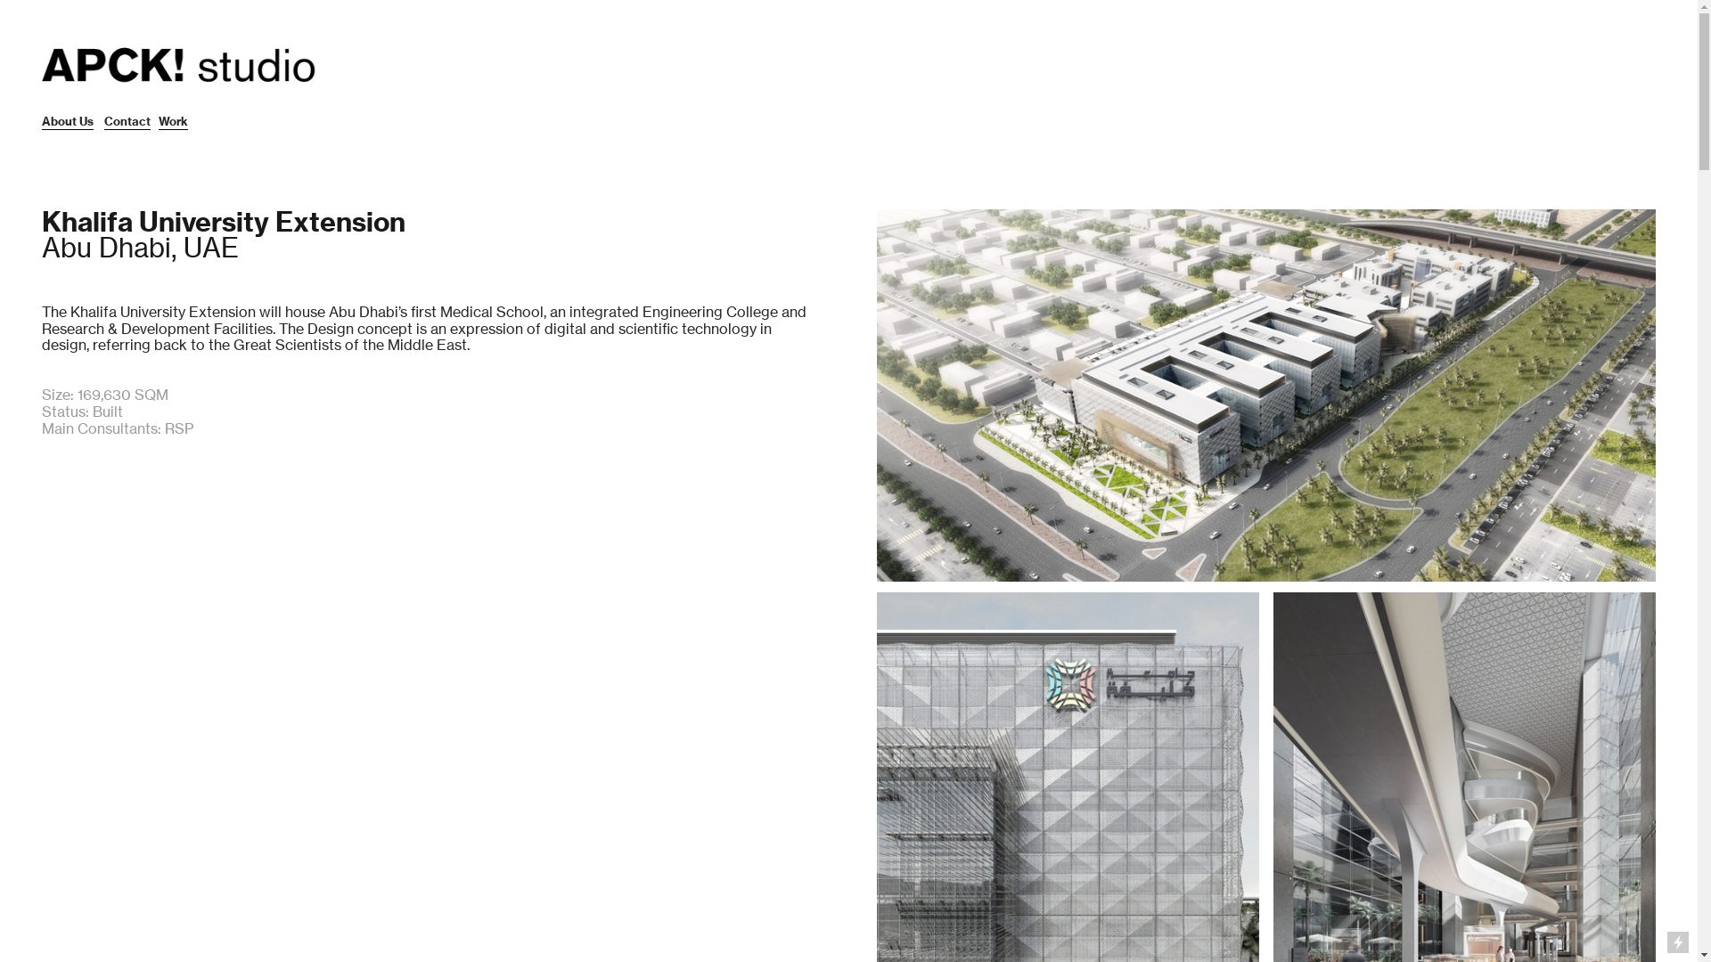 The height and width of the screenshot is (962, 1711). I want to click on 'Work', so click(173, 121).